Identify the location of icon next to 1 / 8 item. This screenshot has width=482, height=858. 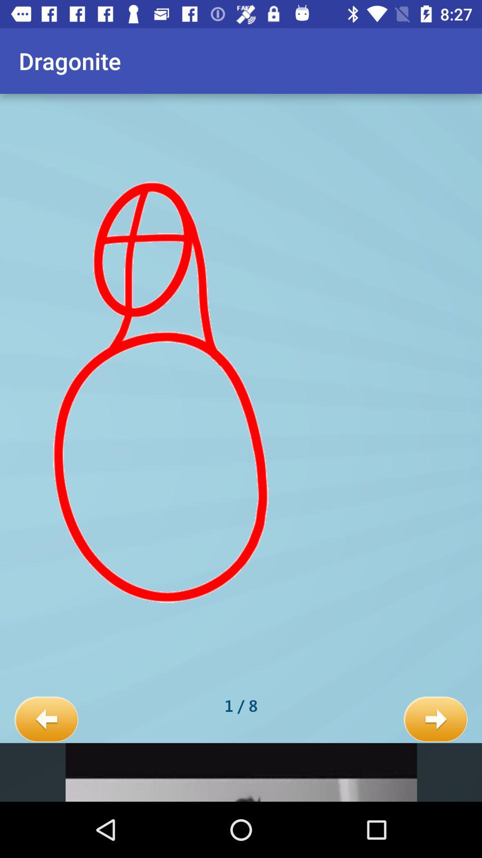
(435, 719).